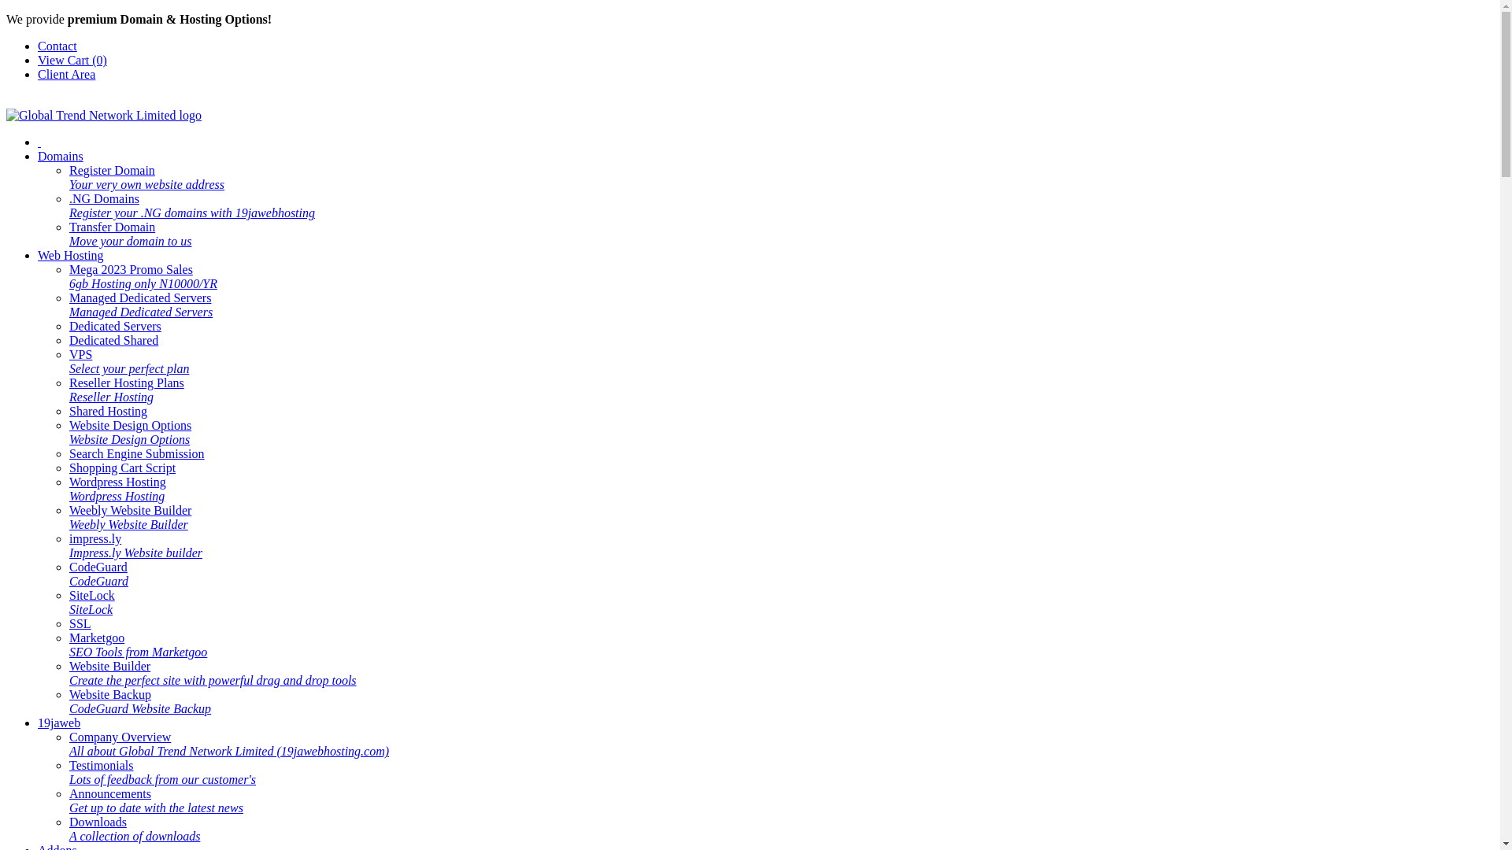  I want to click on 'Dedicated Servers', so click(114, 325).